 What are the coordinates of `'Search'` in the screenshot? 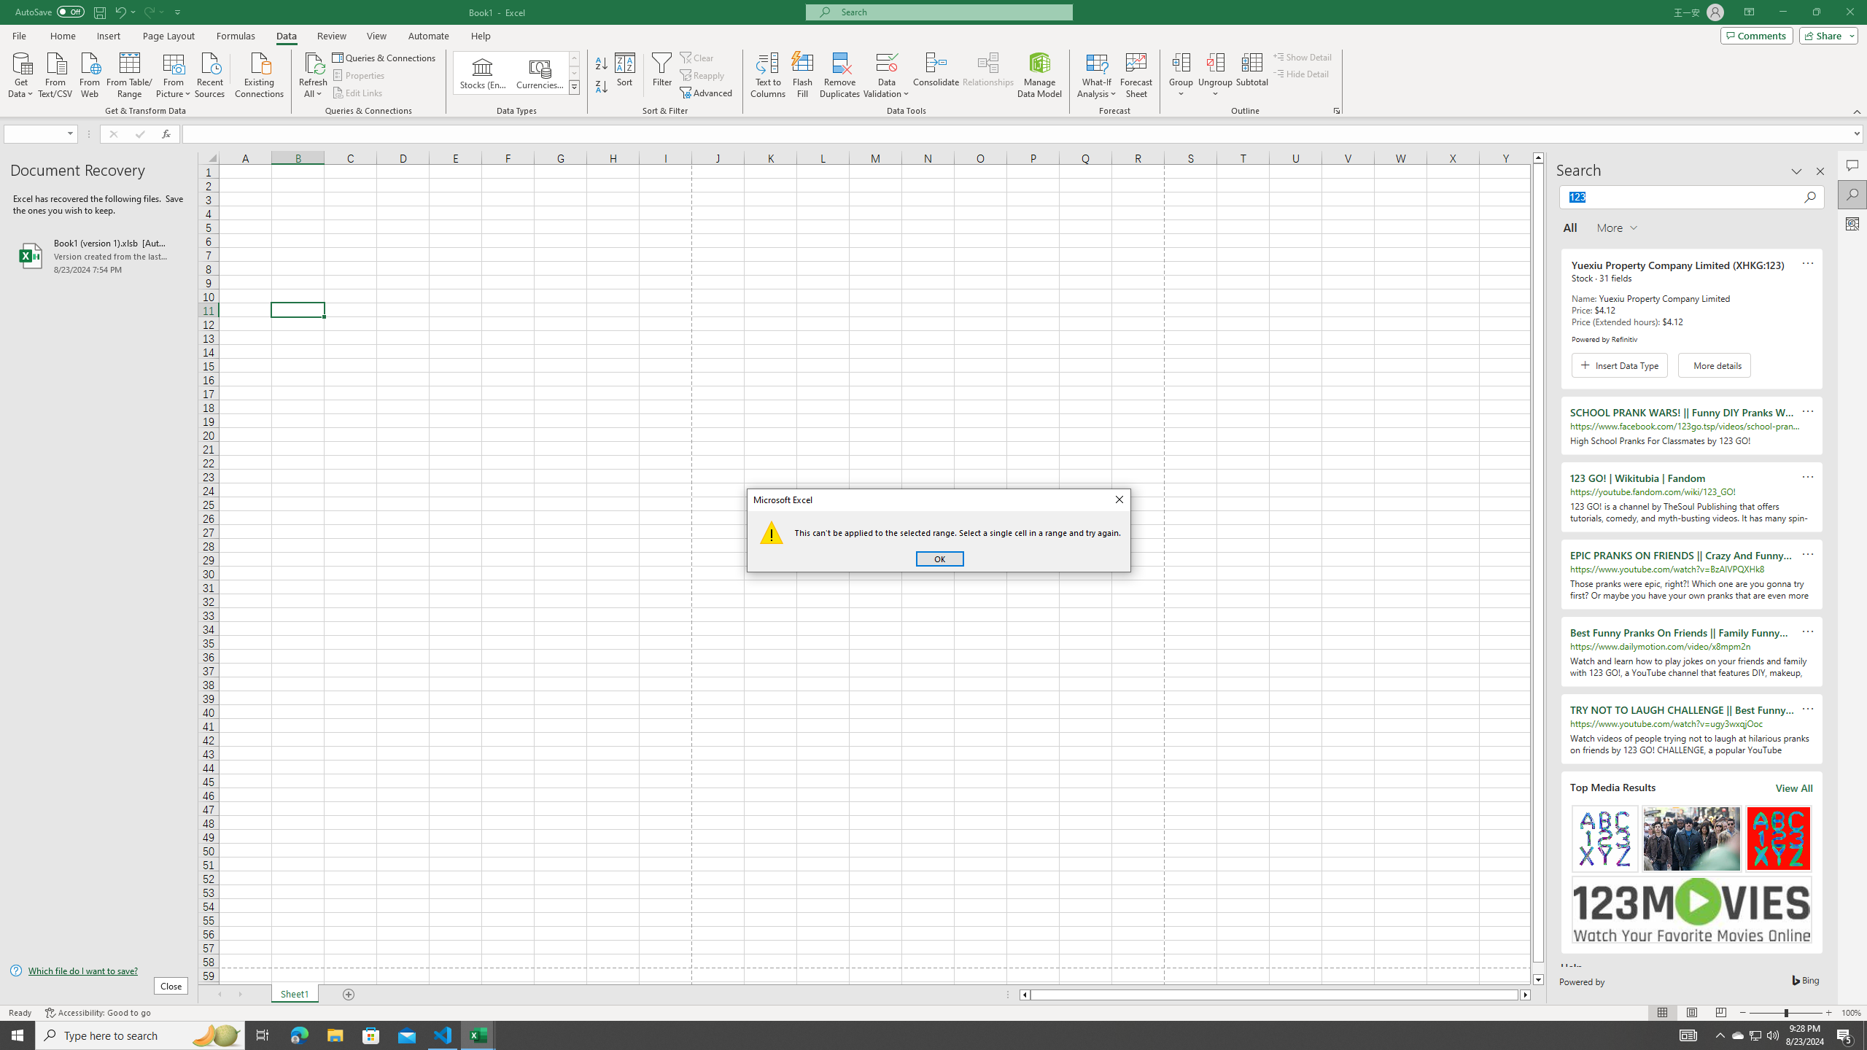 It's located at (1852, 195).